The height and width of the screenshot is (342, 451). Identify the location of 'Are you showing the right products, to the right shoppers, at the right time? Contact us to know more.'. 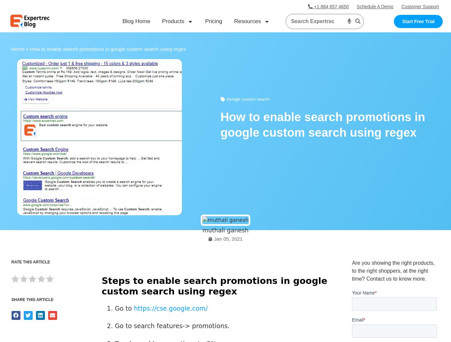
(393, 271).